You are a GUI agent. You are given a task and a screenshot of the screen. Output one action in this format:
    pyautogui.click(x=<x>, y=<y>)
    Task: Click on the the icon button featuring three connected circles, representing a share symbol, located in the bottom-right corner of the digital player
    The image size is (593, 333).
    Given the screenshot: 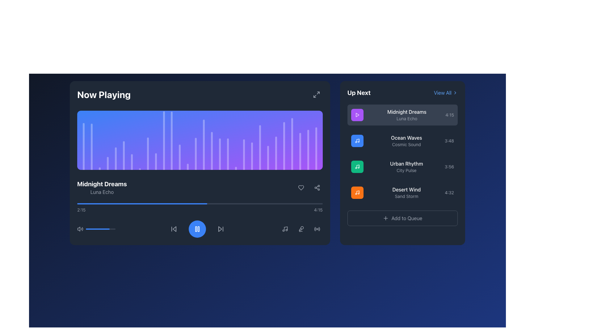 What is the action you would take?
    pyautogui.click(x=317, y=187)
    